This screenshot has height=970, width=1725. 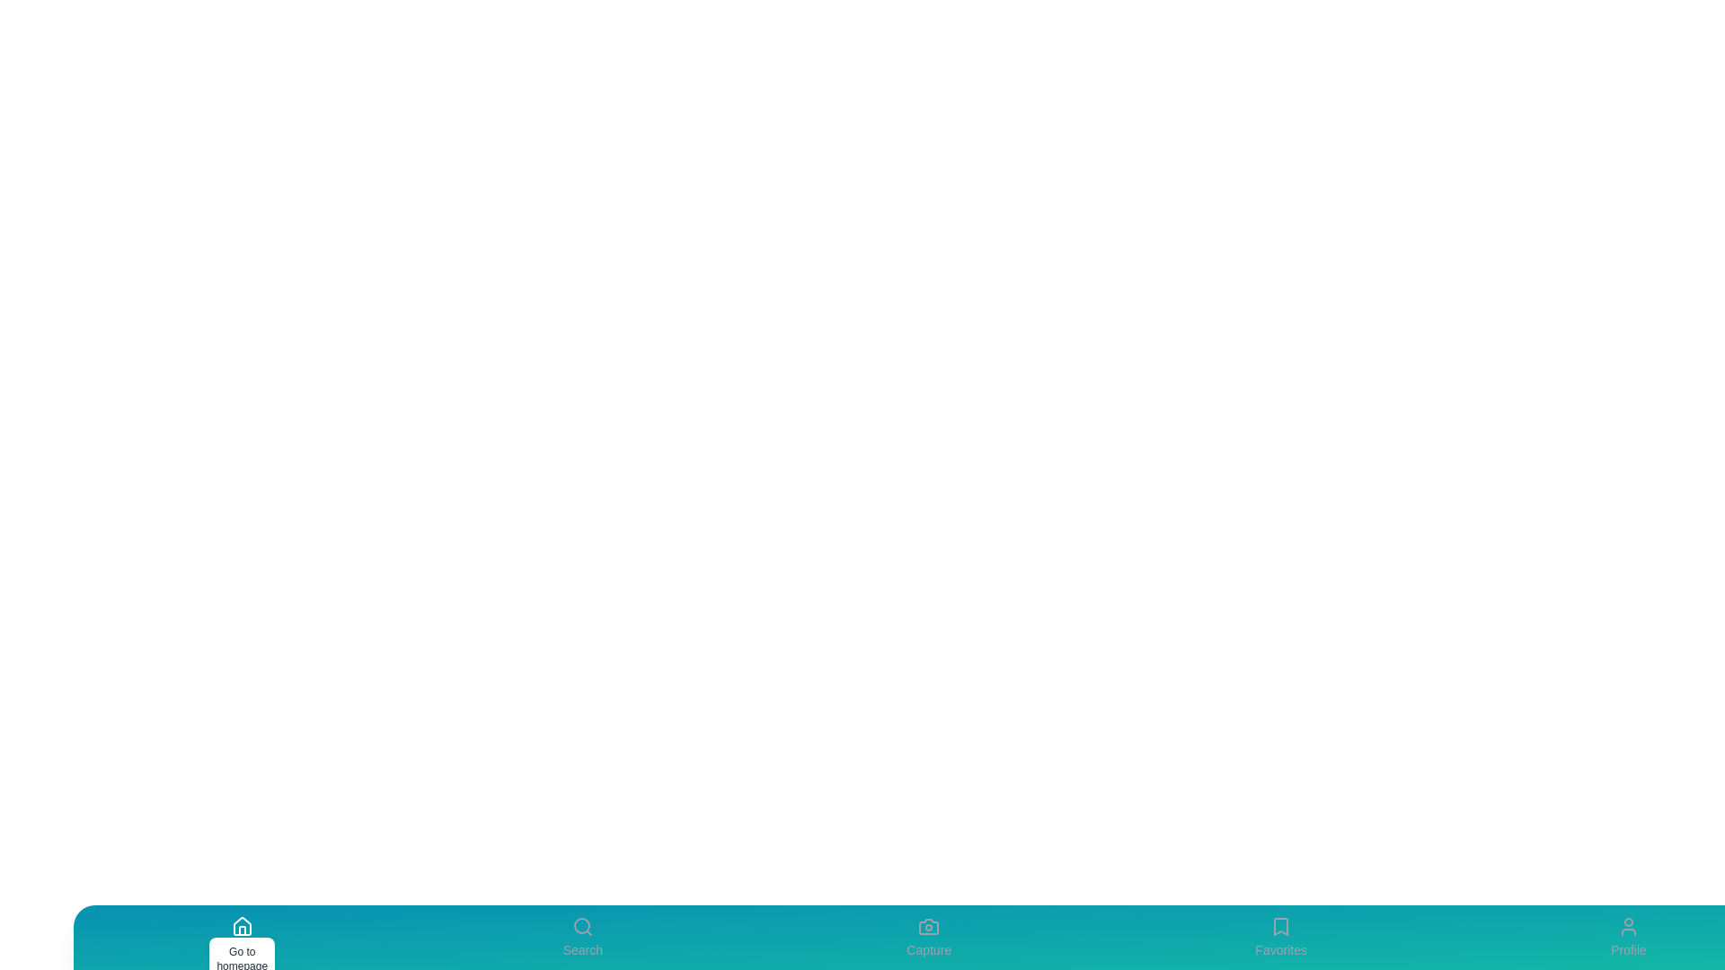 What do you see at coordinates (929, 937) in the screenshot?
I see `the Capture tab to view its details` at bounding box center [929, 937].